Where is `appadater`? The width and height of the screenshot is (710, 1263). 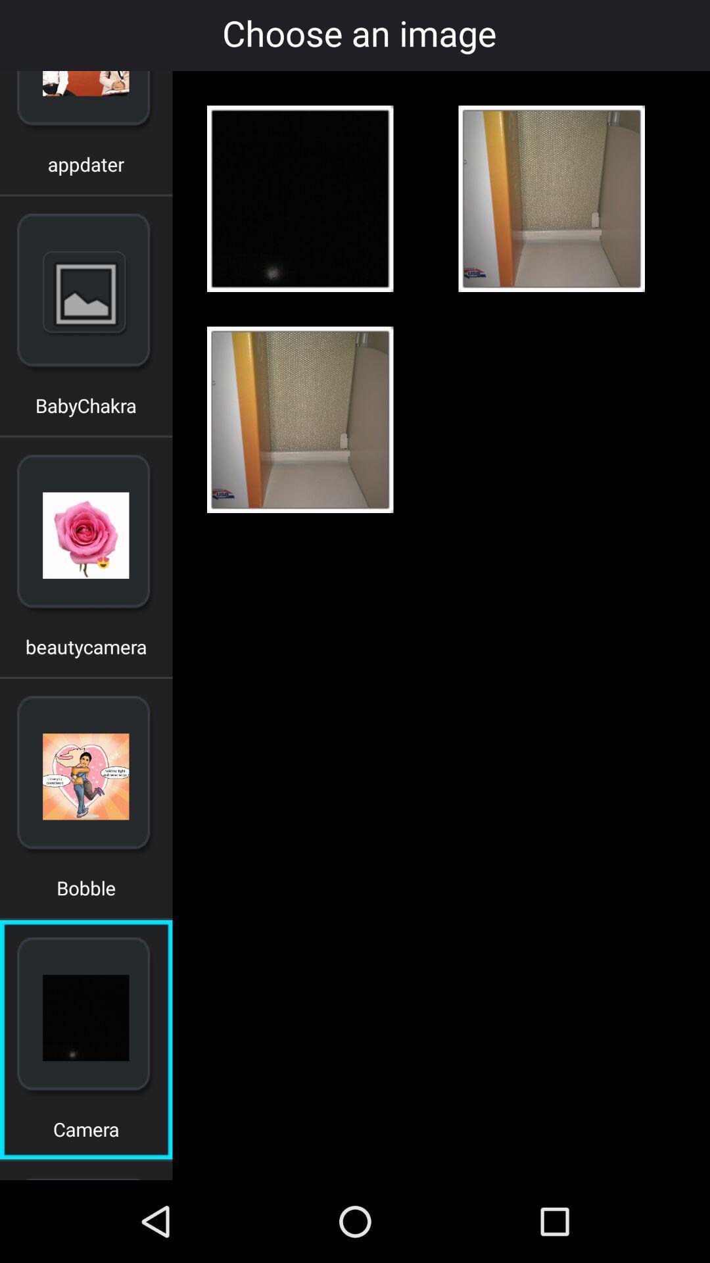 appadater is located at coordinates (86, 168).